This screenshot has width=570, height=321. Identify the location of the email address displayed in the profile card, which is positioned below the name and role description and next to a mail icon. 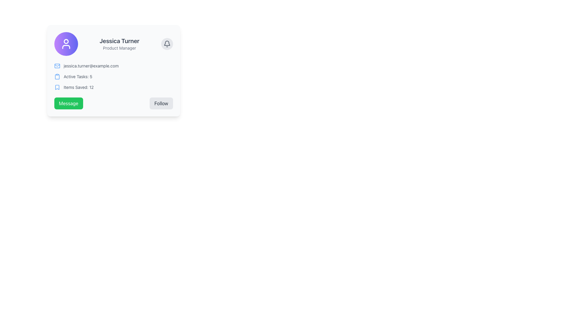
(91, 66).